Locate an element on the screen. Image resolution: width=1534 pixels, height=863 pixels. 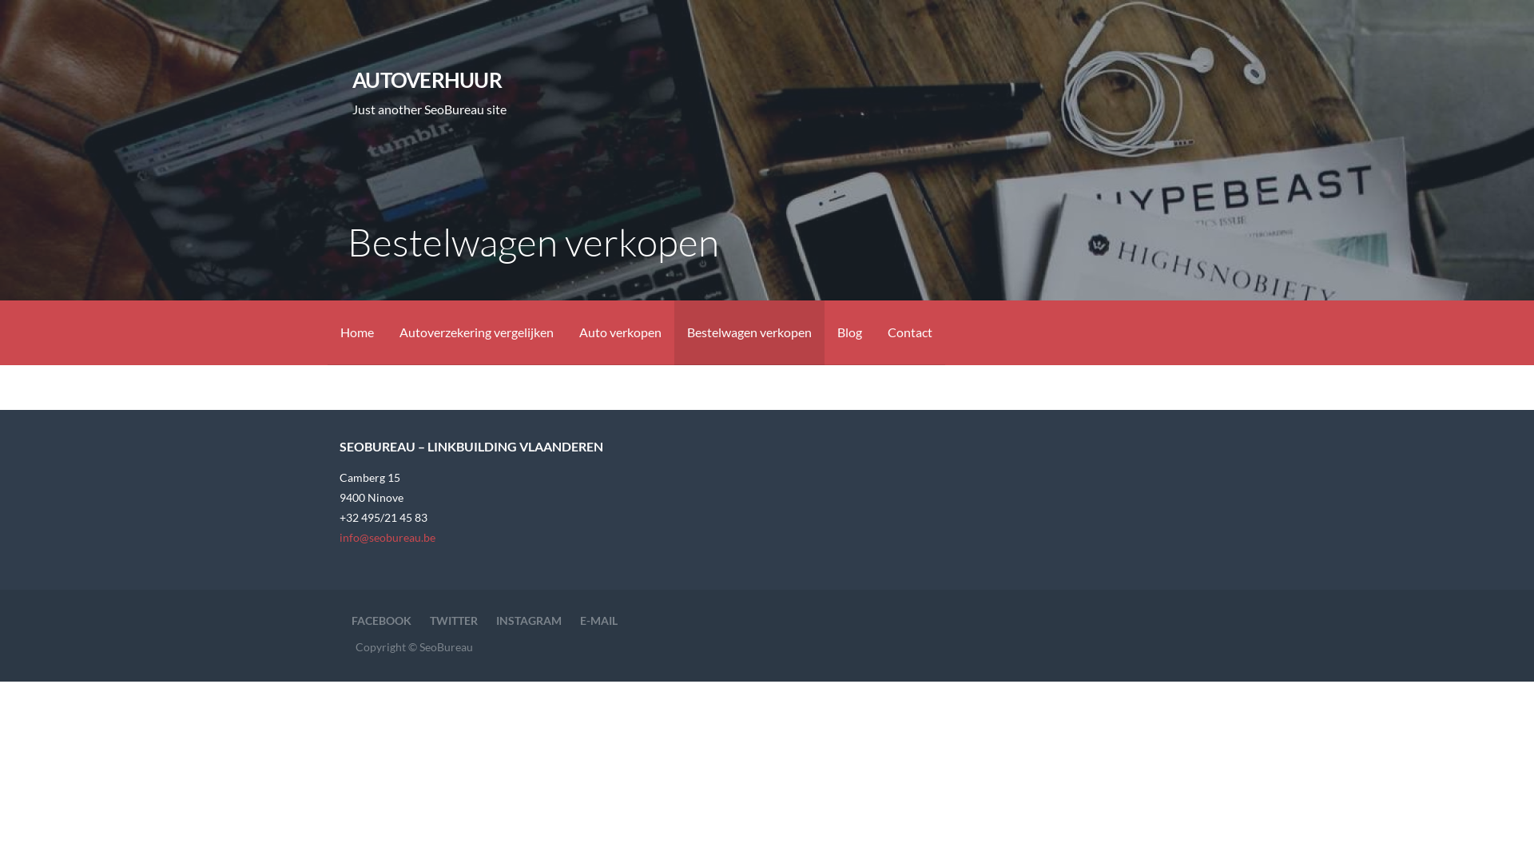
'Bestelwagen verkopen' is located at coordinates (674, 332).